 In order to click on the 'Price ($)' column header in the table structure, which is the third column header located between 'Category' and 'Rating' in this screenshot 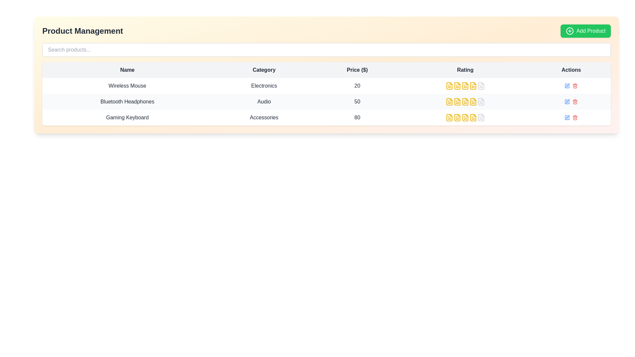, I will do `click(357, 70)`.